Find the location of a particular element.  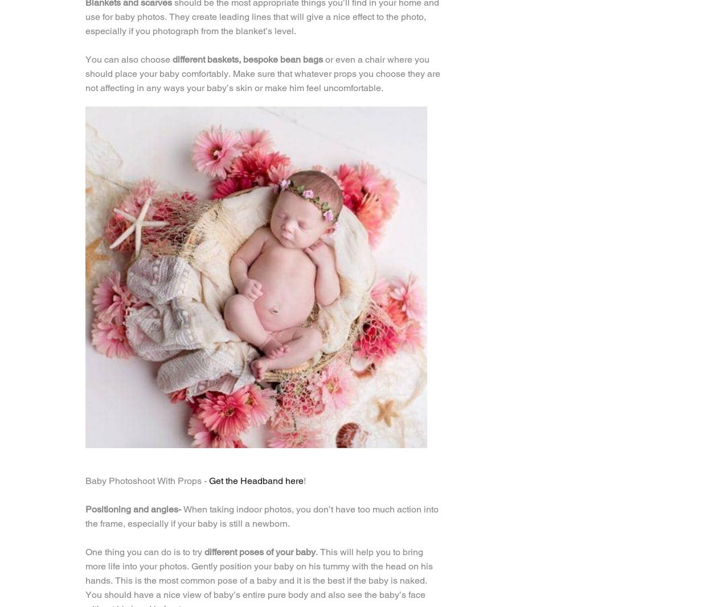

'or even a chair where you should place your baby comfortably. Make sure that whatever props you choose they are not affecting in any ways your baby’s skin or make him feel uncomfortable.' is located at coordinates (262, 73).